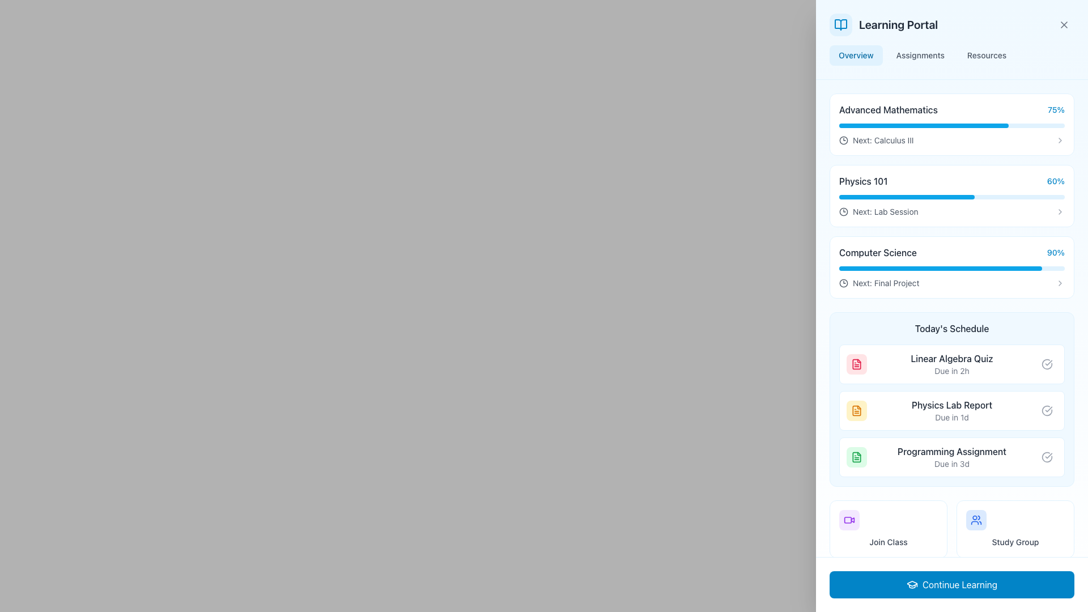  I want to click on Decorative Shape element, which is part of the media action icon located at the bottom section of the panel, by using developer tools, so click(848, 520).